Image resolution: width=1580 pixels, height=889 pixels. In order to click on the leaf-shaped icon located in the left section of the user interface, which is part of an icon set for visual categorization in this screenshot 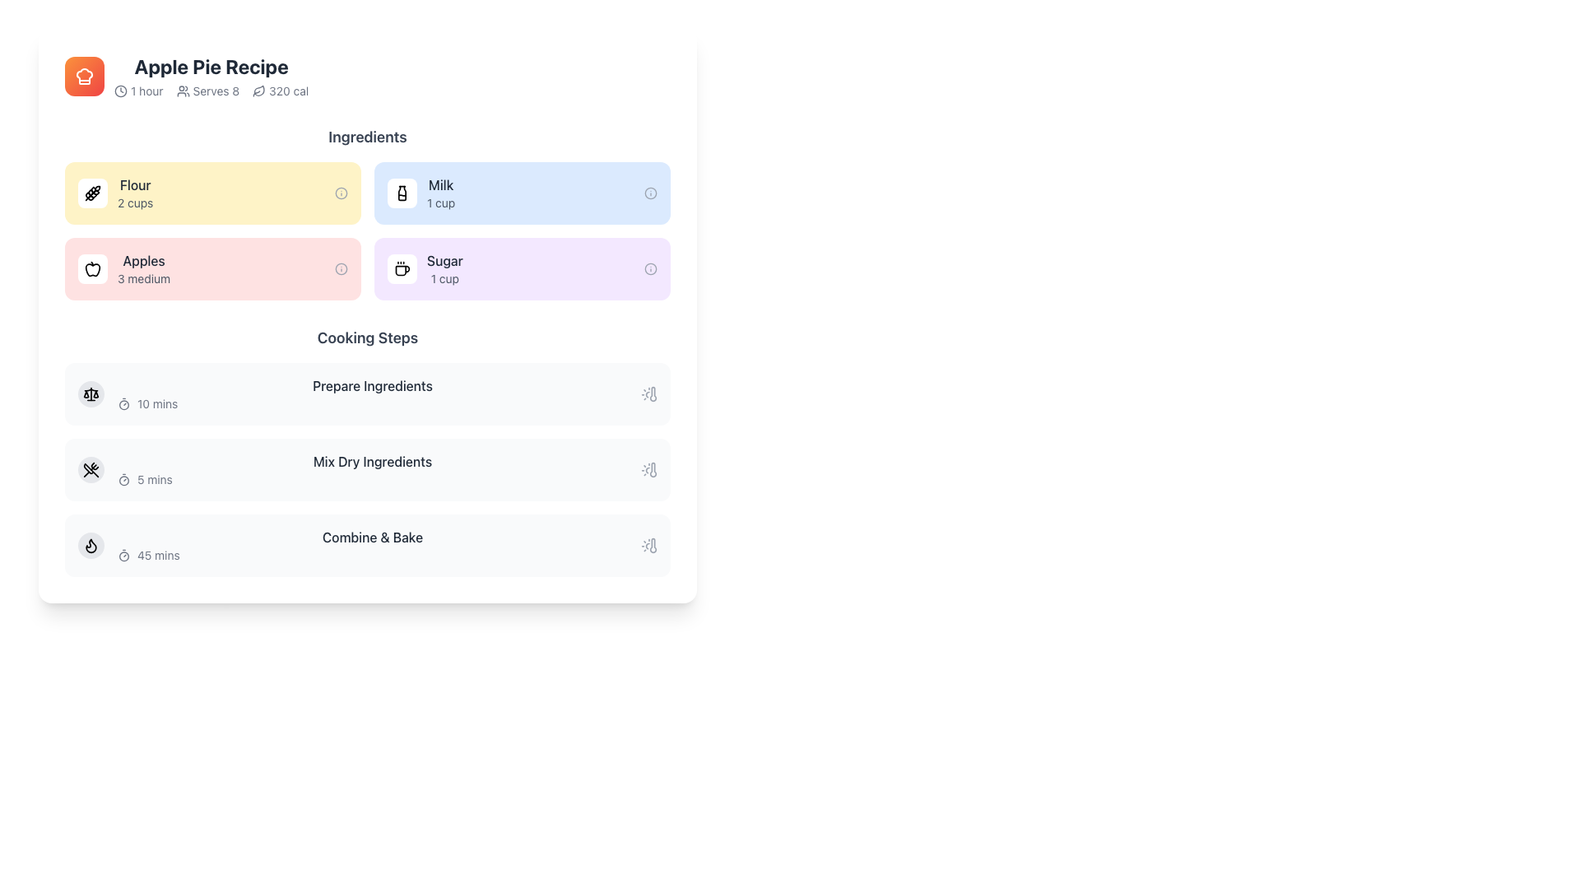, I will do `click(258, 91)`.